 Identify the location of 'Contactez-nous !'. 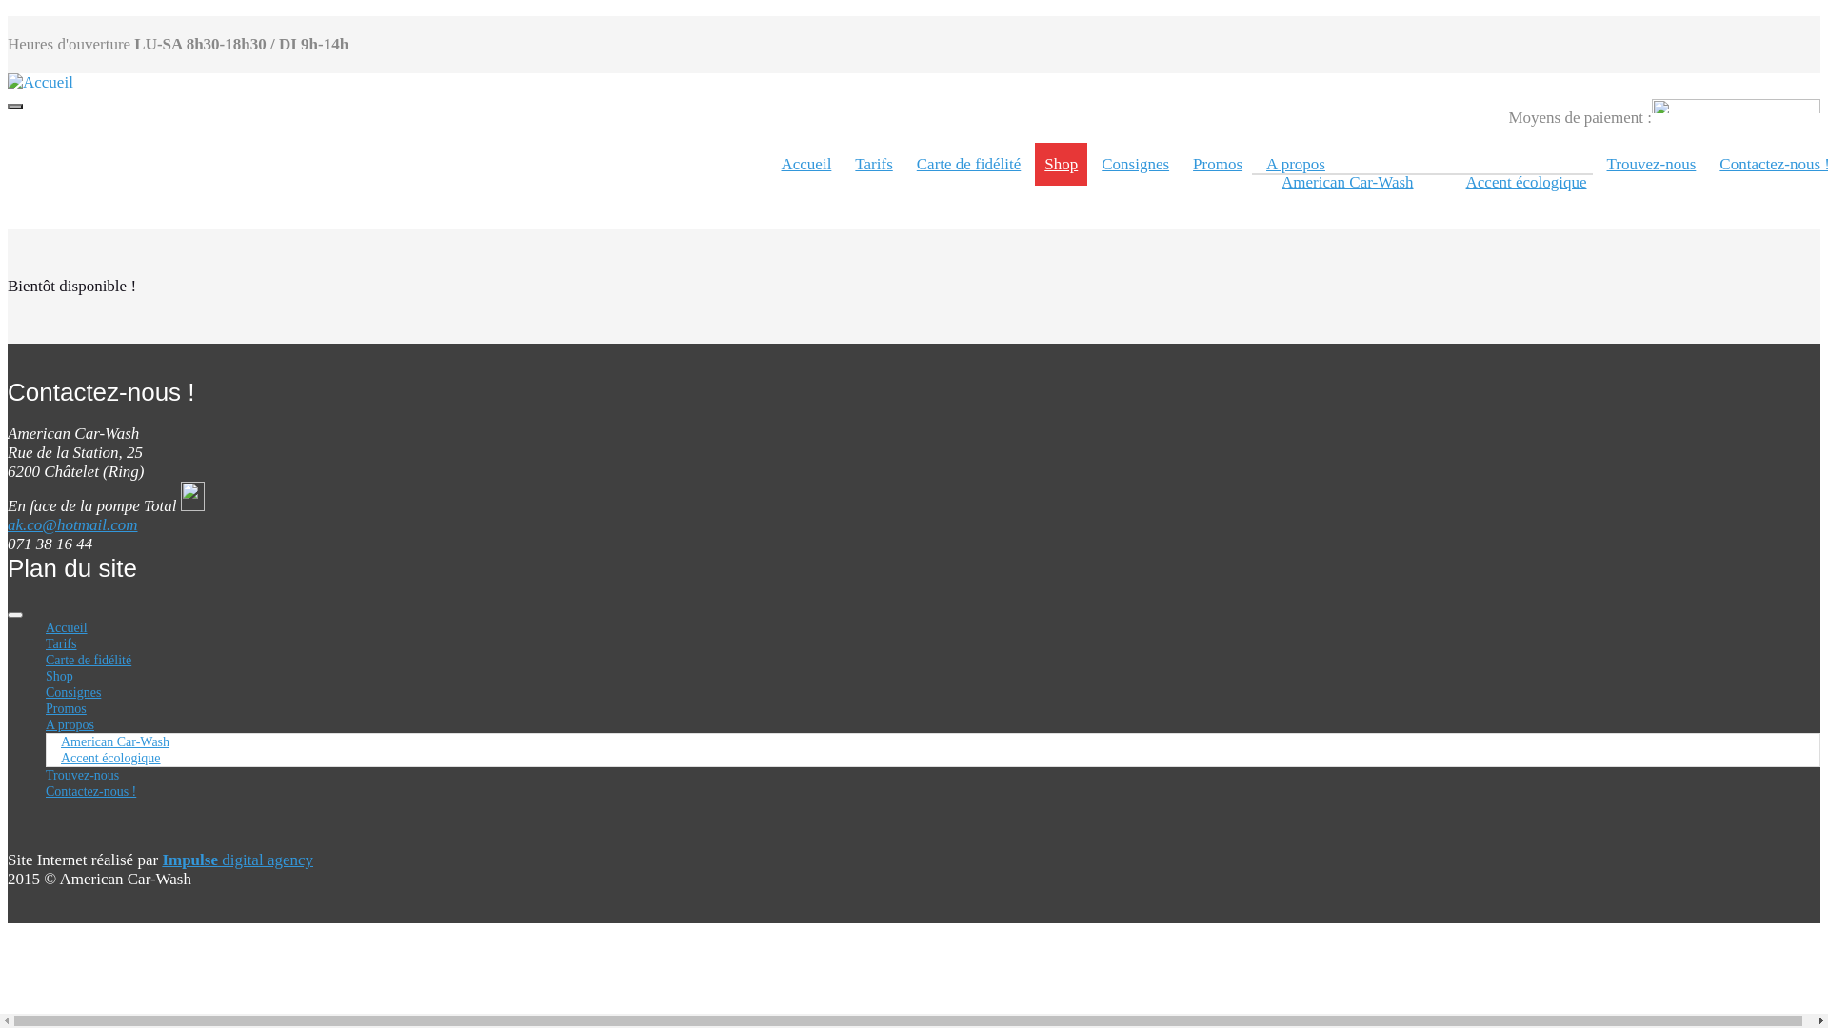
(46, 791).